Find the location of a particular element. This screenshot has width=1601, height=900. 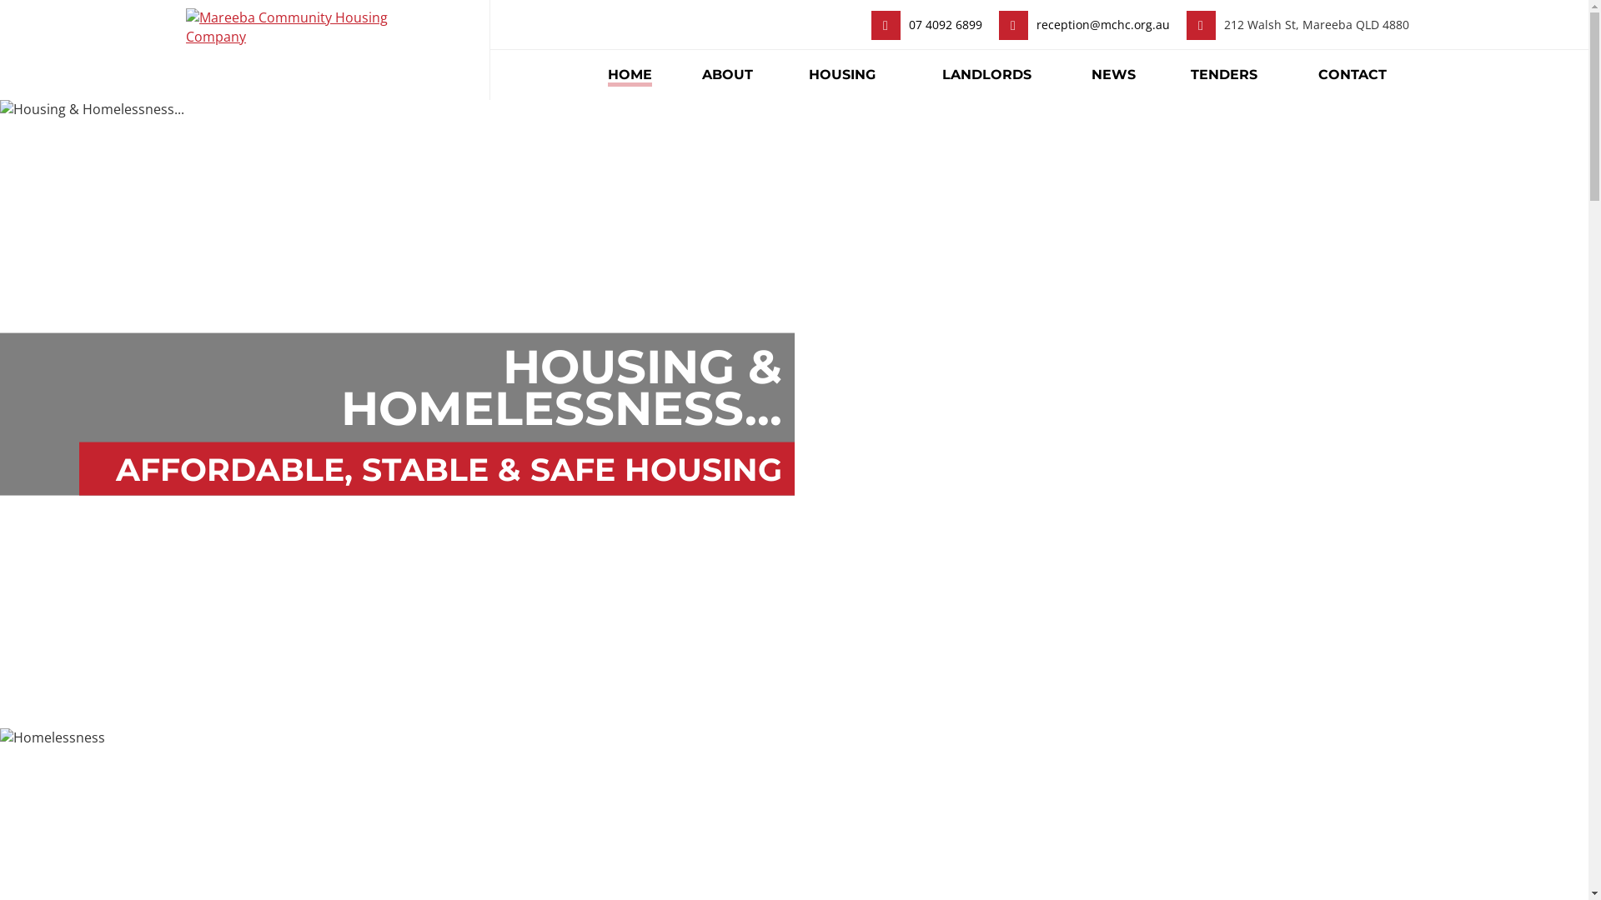

'CONTACT' is located at coordinates (1353, 73).